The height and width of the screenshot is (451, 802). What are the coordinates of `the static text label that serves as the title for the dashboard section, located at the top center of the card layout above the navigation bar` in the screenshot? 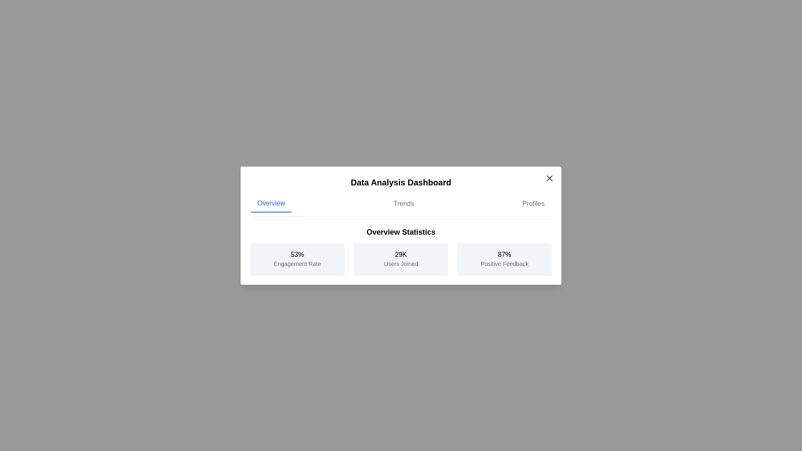 It's located at (401, 182).